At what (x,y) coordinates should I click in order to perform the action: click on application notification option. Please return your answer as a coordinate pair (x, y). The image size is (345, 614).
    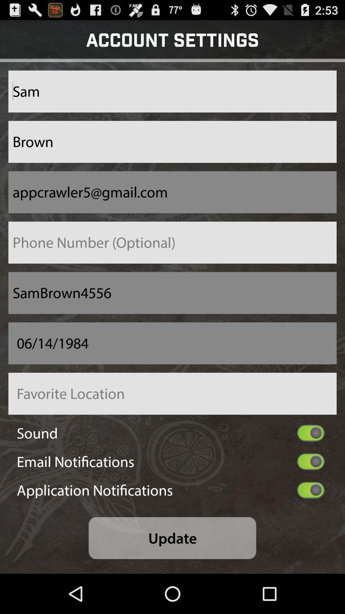
    Looking at the image, I should click on (310, 490).